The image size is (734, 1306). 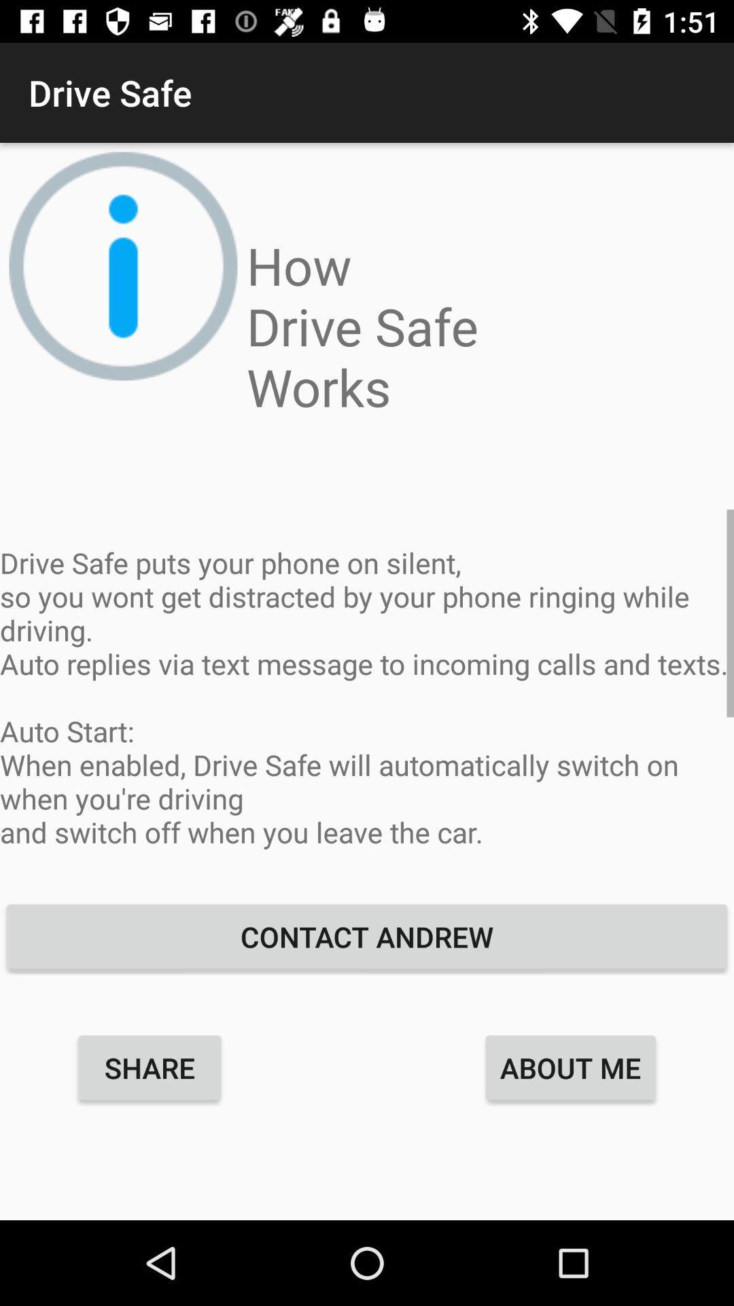 I want to click on the share, so click(x=150, y=1067).